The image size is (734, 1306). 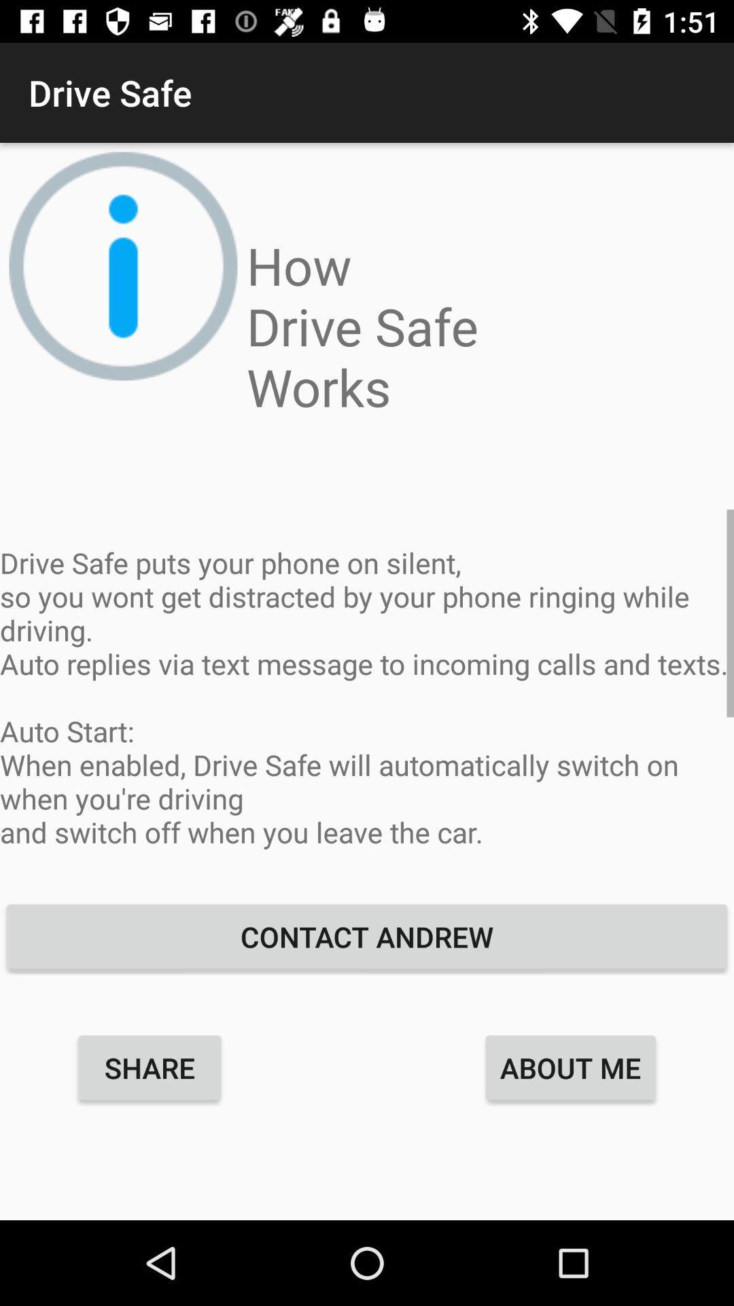 I want to click on the share, so click(x=150, y=1067).